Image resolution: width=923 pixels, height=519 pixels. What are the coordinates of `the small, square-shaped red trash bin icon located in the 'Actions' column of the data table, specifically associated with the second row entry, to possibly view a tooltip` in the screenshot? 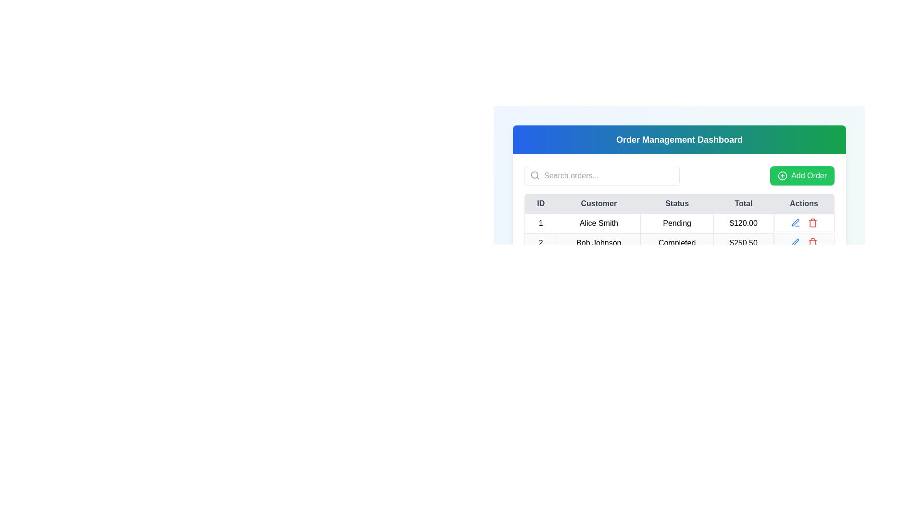 It's located at (812, 222).